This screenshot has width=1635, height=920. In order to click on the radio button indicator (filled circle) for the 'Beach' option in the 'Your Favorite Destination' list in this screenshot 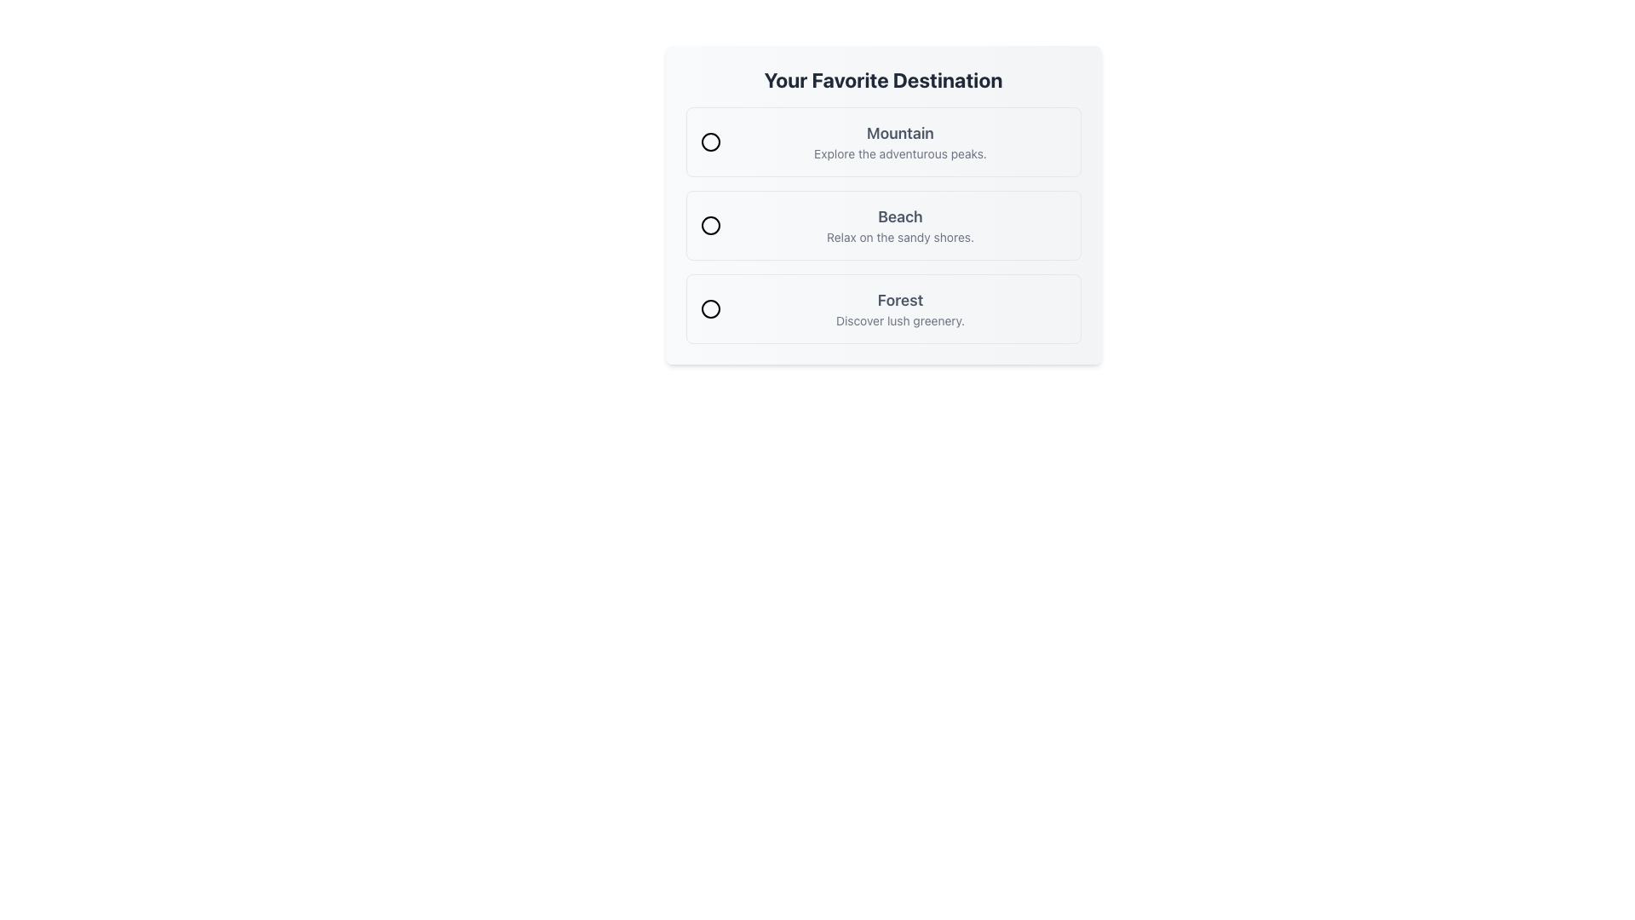, I will do `click(710, 225)`.